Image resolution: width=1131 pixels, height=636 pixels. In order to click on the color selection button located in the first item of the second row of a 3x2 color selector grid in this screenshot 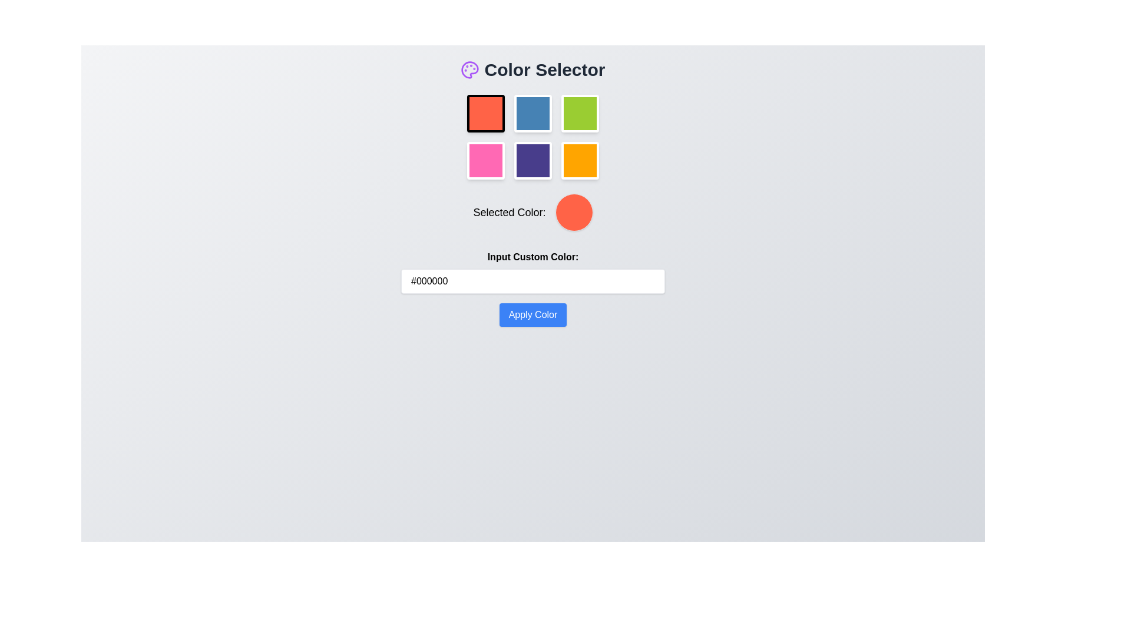, I will do `click(486, 161)`.